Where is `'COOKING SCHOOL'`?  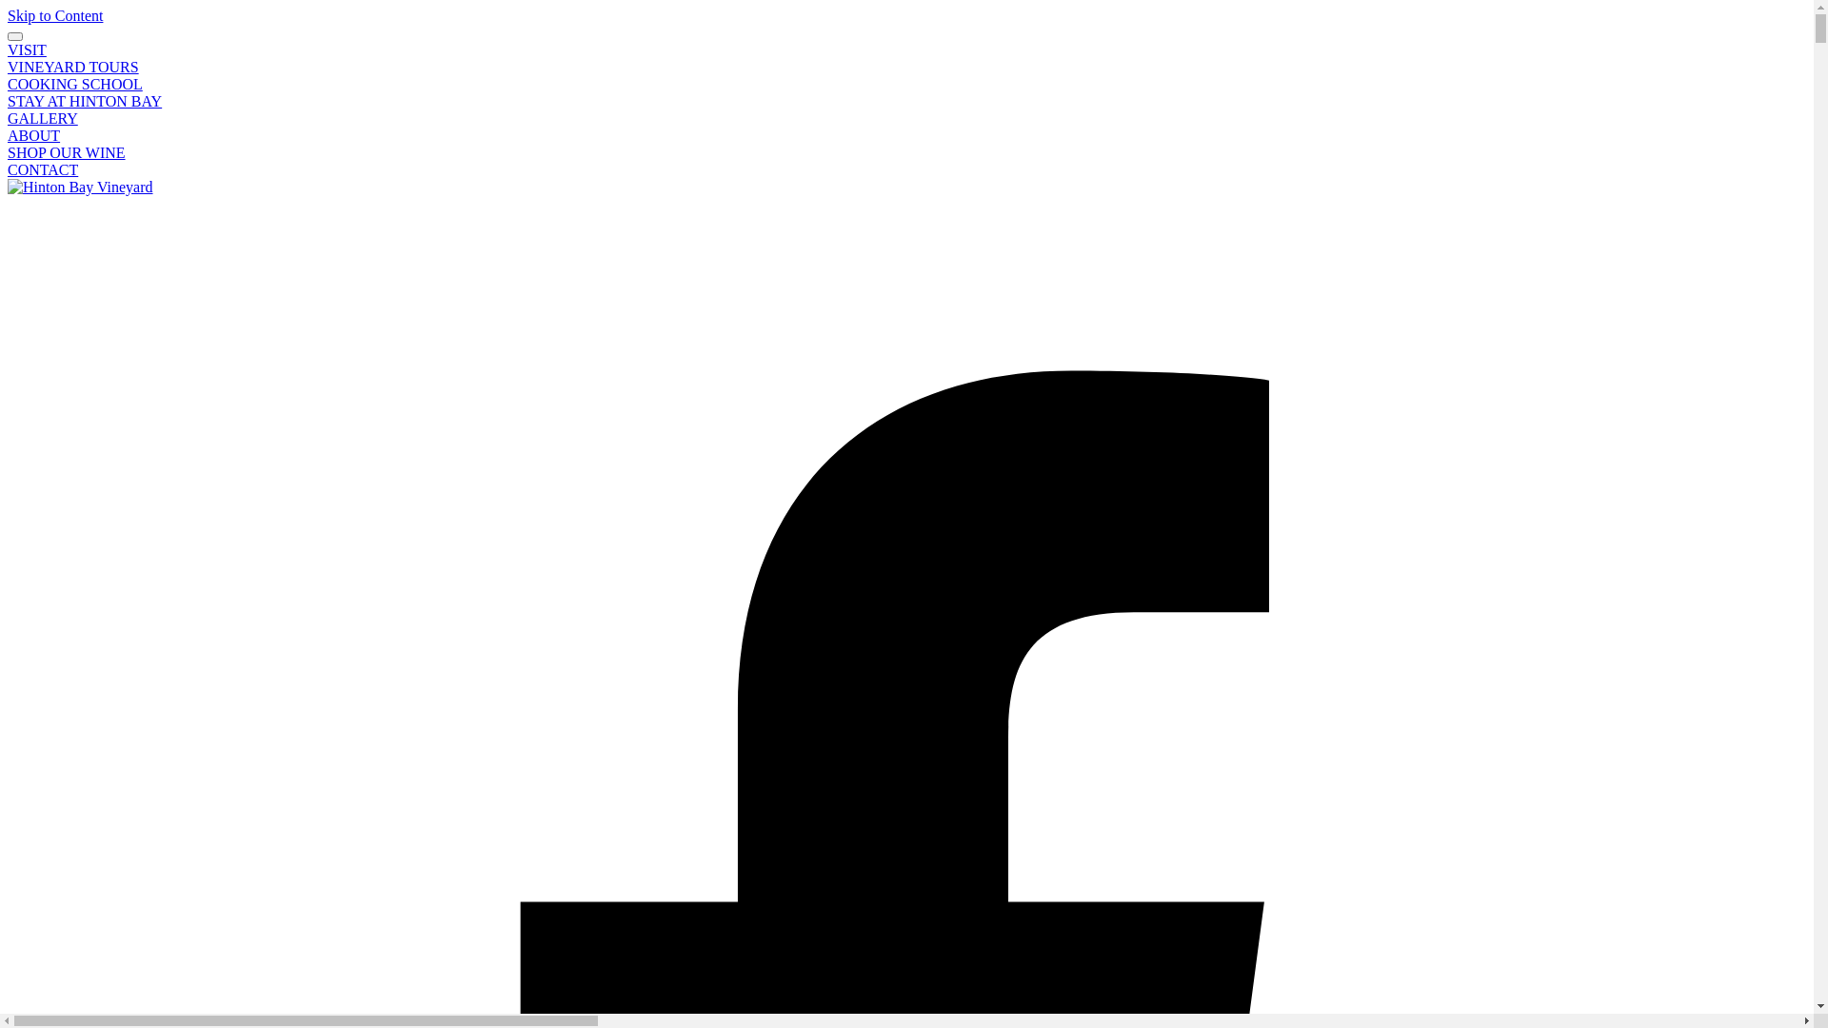 'COOKING SCHOOL' is located at coordinates (74, 83).